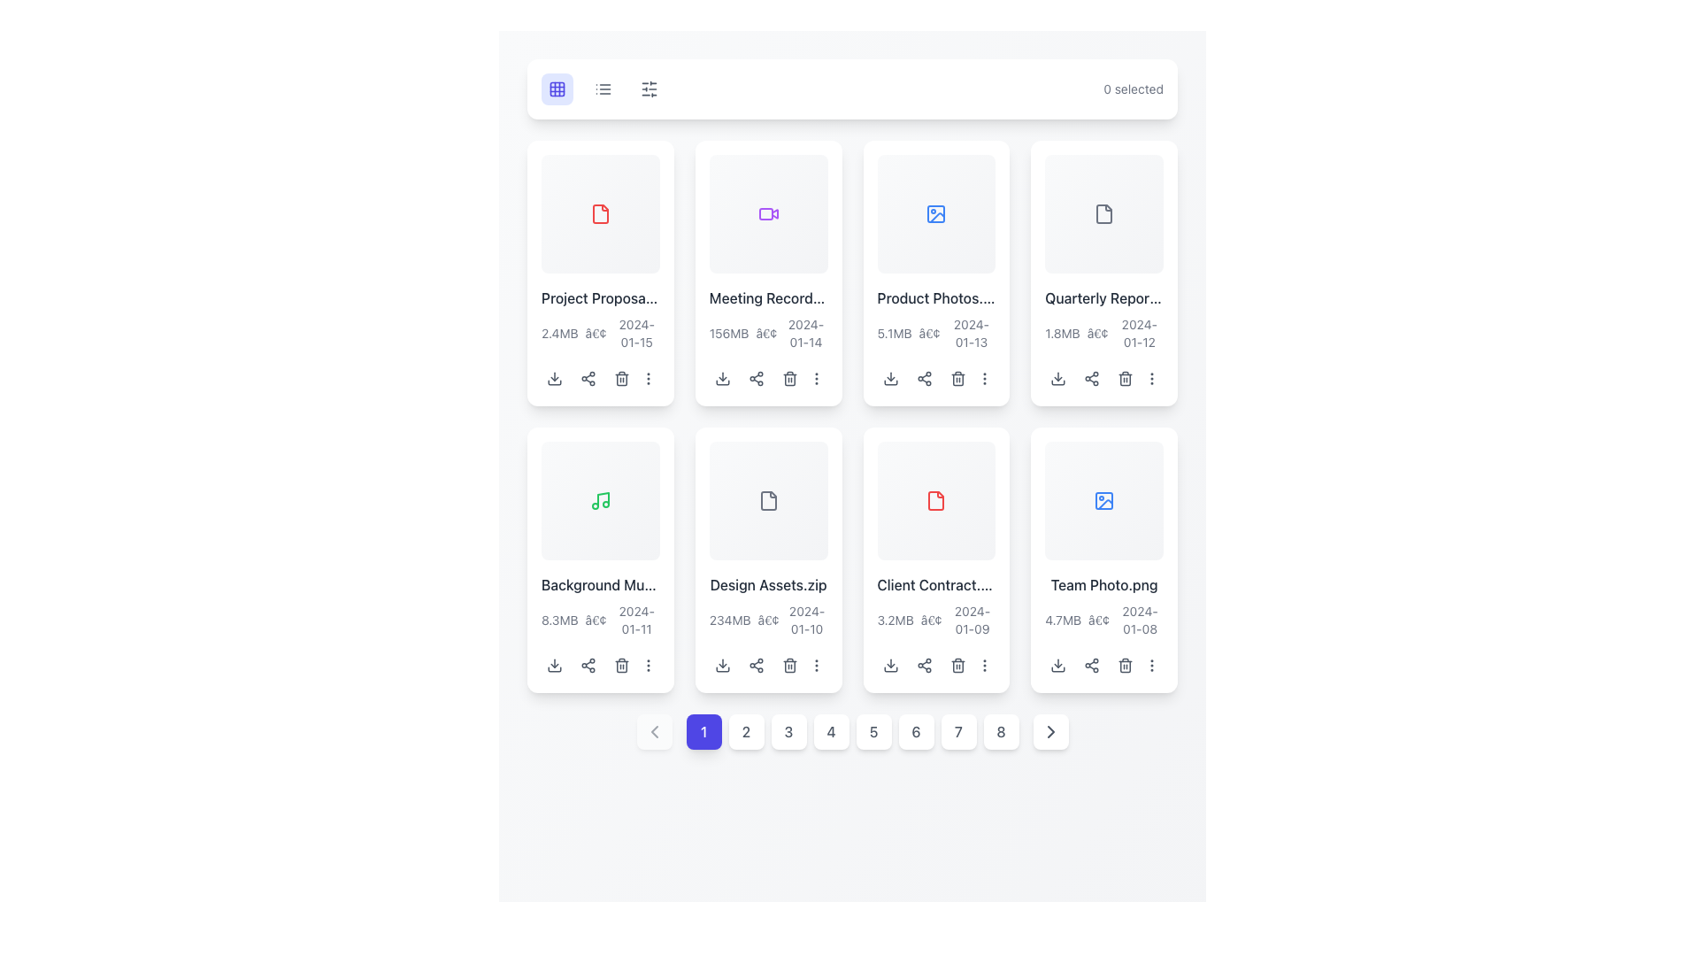 This screenshot has width=1699, height=956. What do you see at coordinates (768, 500) in the screenshot?
I see `the icon holder representing the file 'Design Assets.zip', located in the upper portion of the card in the third row, second column of the grid layout` at bounding box center [768, 500].